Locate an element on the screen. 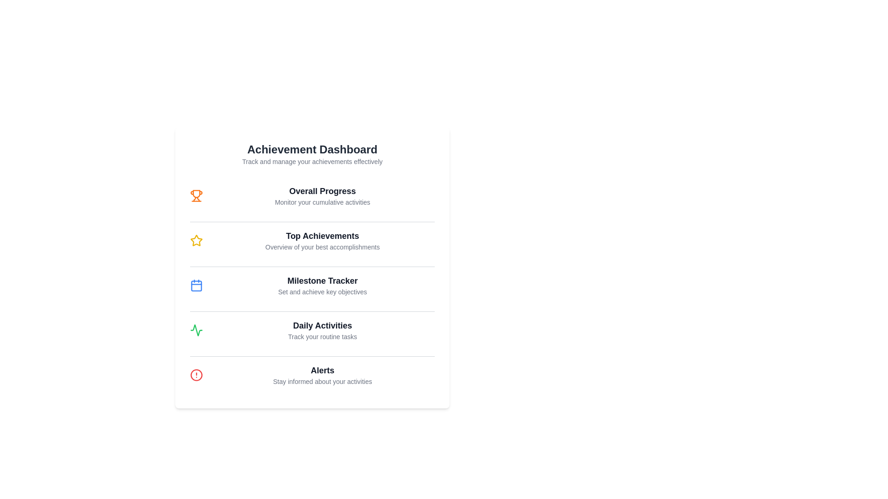  the first list item in the Achievement Dashboard that displays an orange trophy icon with the title 'Overall Progress' and the subtitle 'Monitor your cumulative activities' is located at coordinates (312, 195).